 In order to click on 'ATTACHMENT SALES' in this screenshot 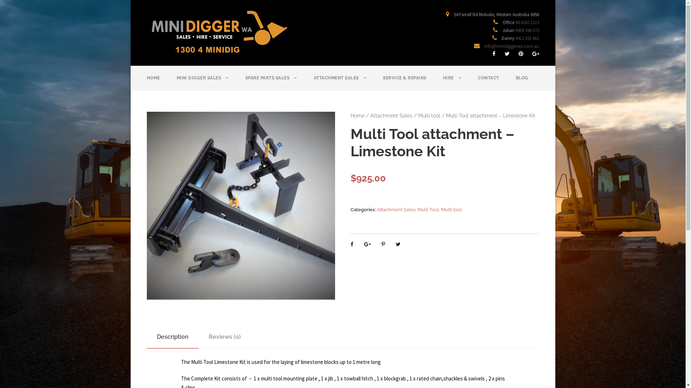, I will do `click(314, 82)`.